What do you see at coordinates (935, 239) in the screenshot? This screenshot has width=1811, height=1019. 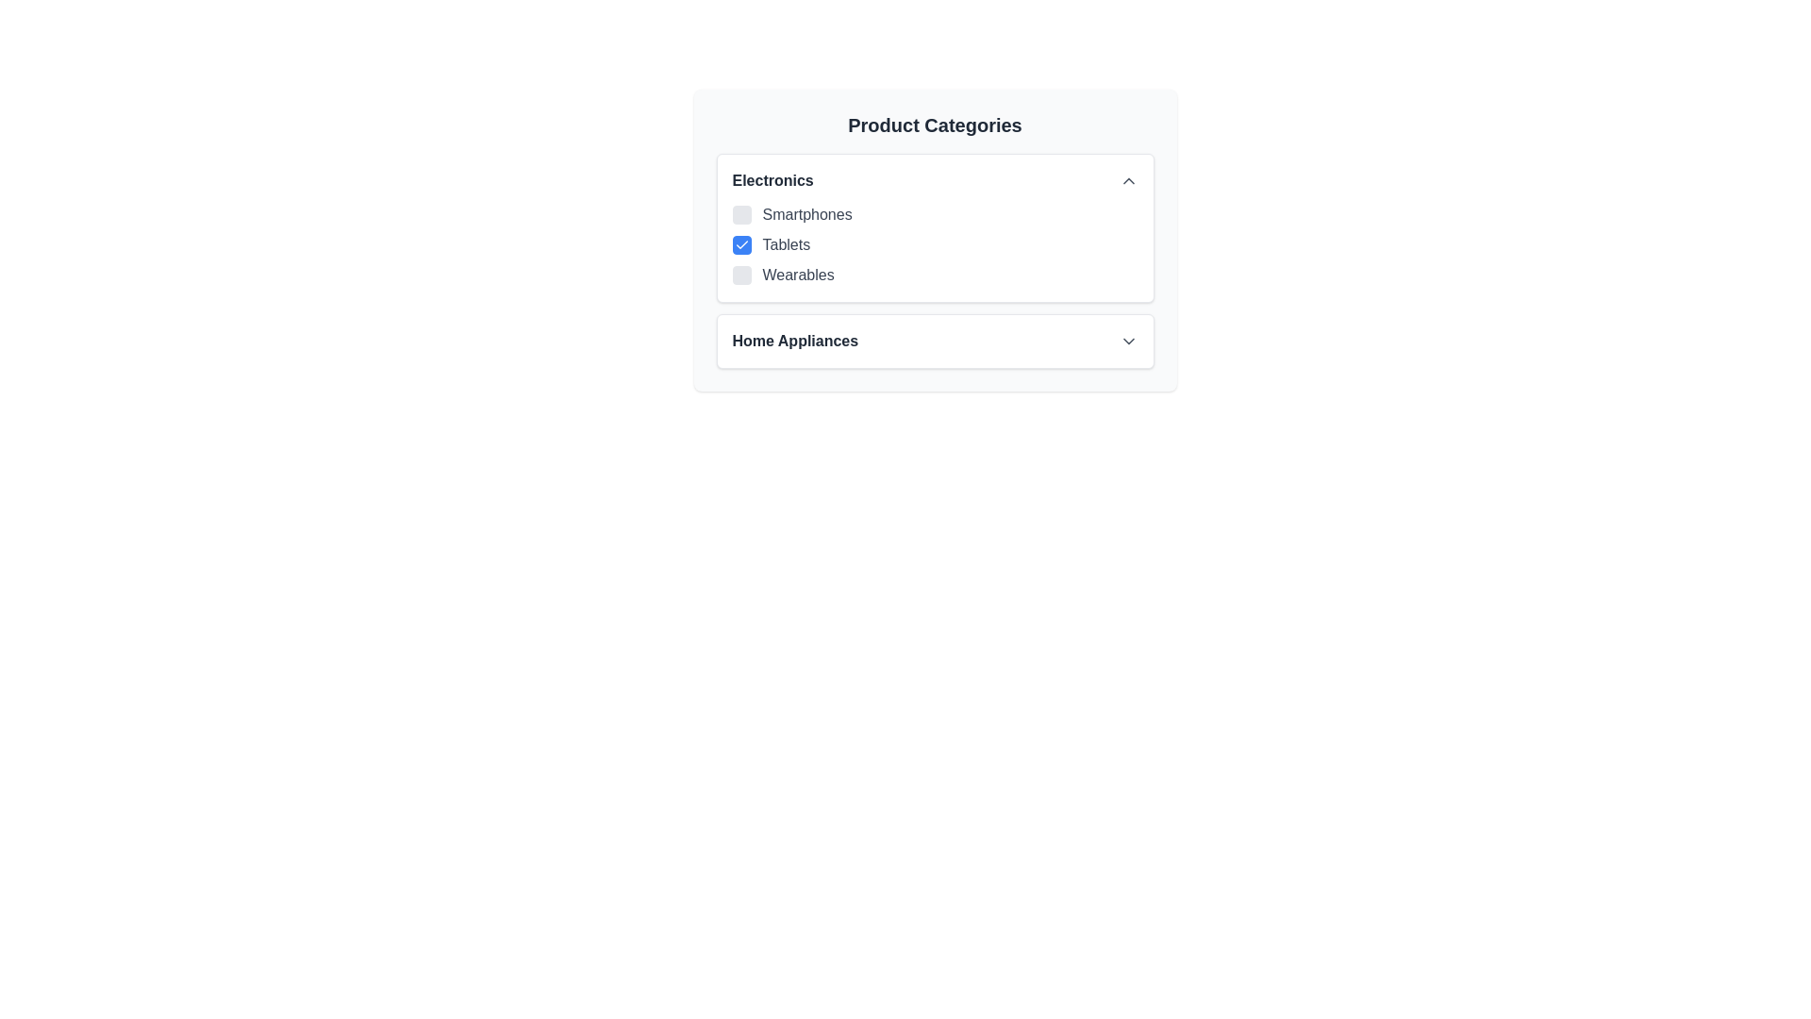 I see `the 'Tablets' checkbox in the 'Product Categories' panel, which is the second checkbox under the 'Electronics' category` at bounding box center [935, 239].